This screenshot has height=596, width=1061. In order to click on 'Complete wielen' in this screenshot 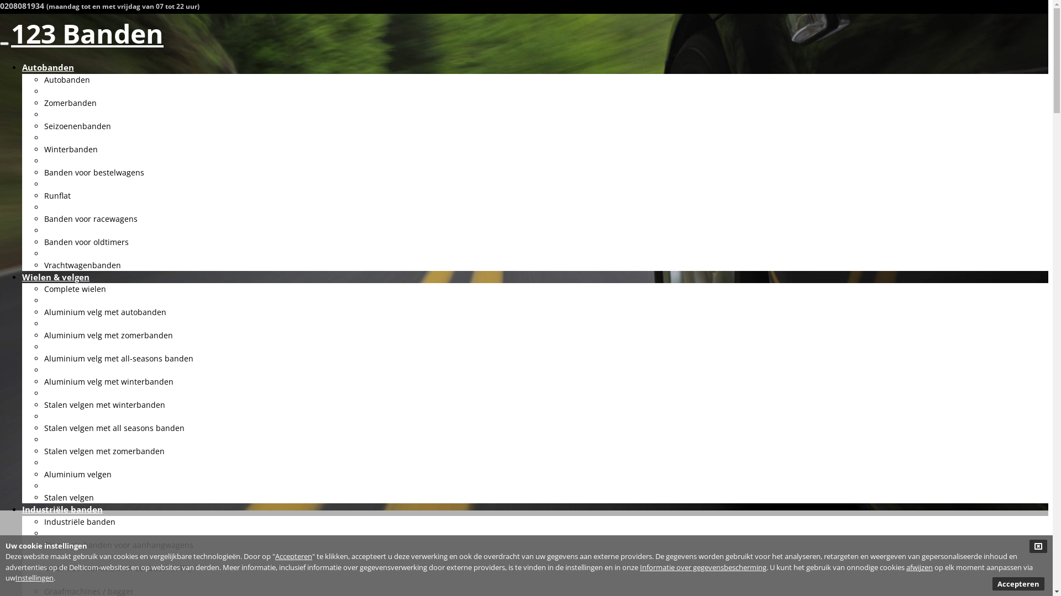, I will do `click(74, 288)`.